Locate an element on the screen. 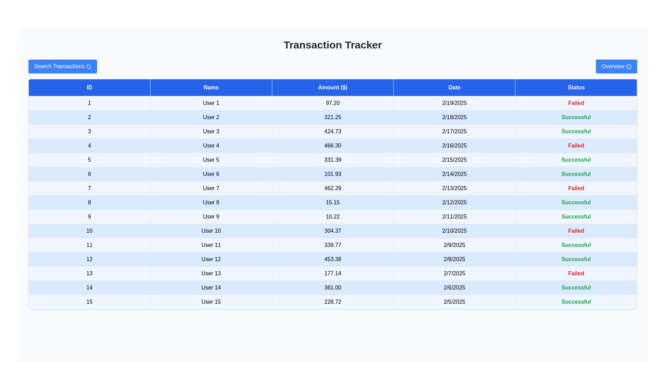  the 'Overview' button to view general information is located at coordinates (616, 66).